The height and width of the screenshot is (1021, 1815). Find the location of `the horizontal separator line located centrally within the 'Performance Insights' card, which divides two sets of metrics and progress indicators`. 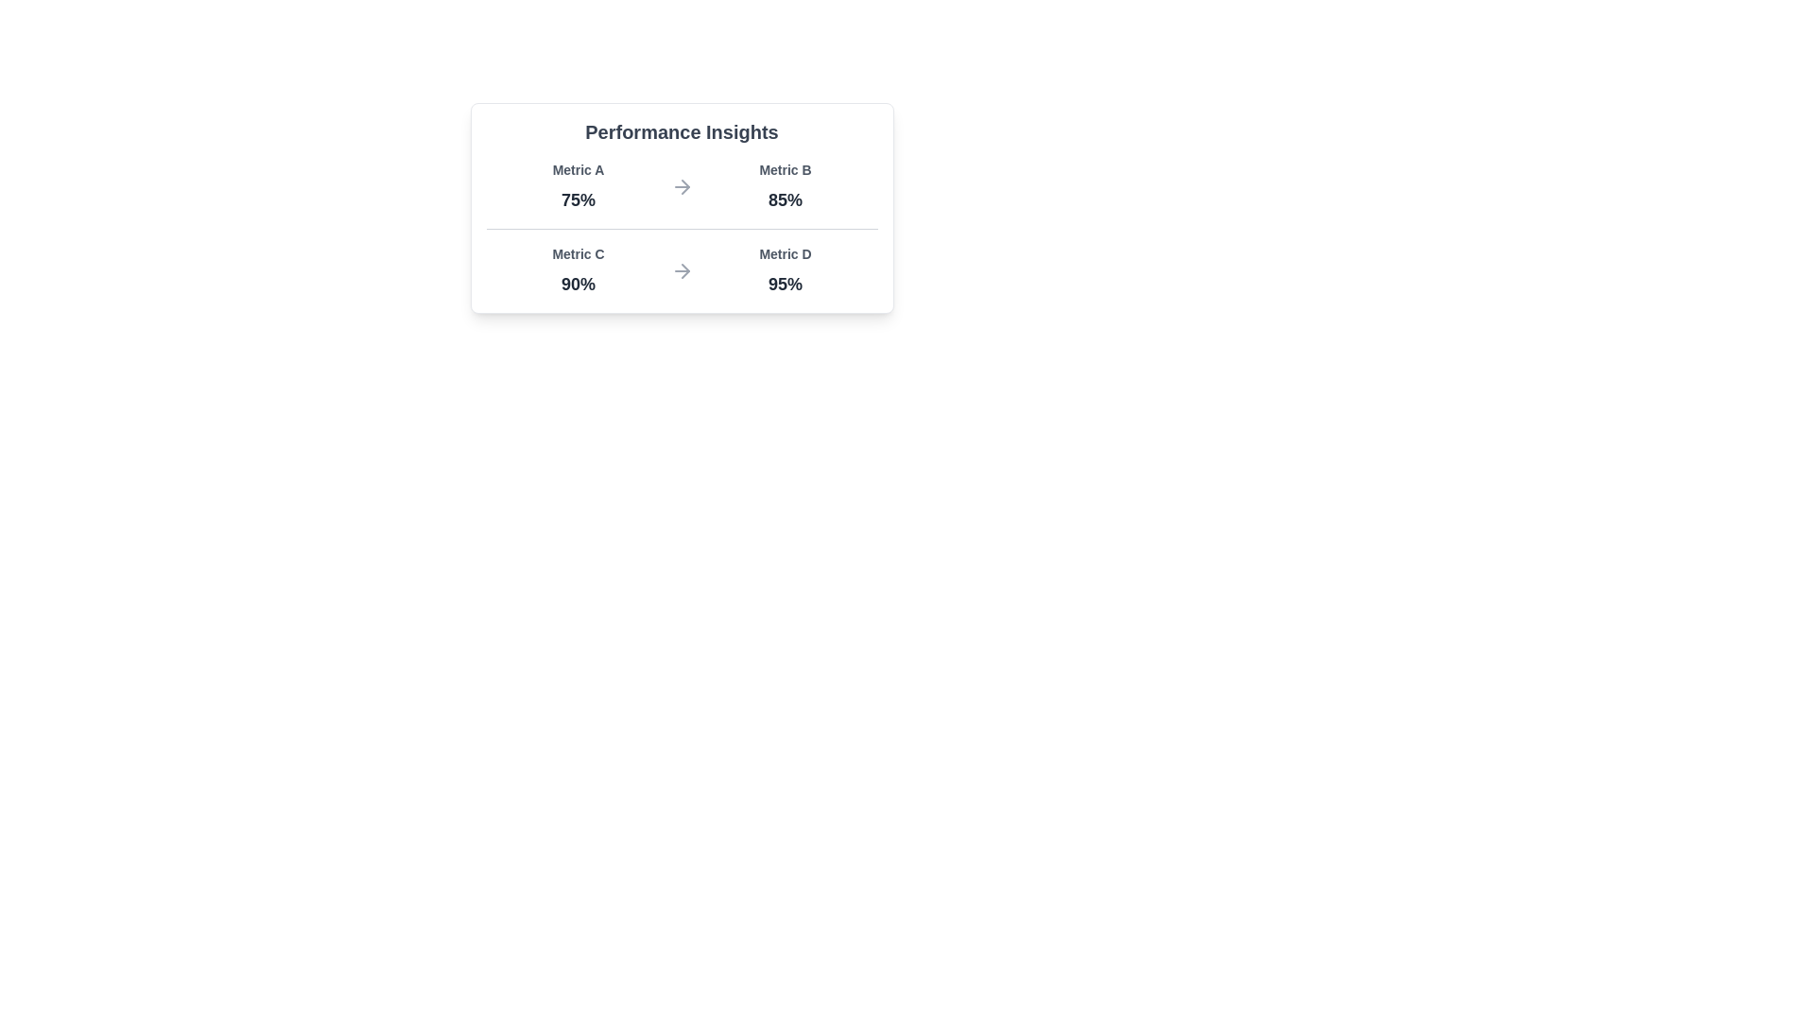

the horizontal separator line located centrally within the 'Performance Insights' card, which divides two sets of metrics and progress indicators is located at coordinates (681, 228).